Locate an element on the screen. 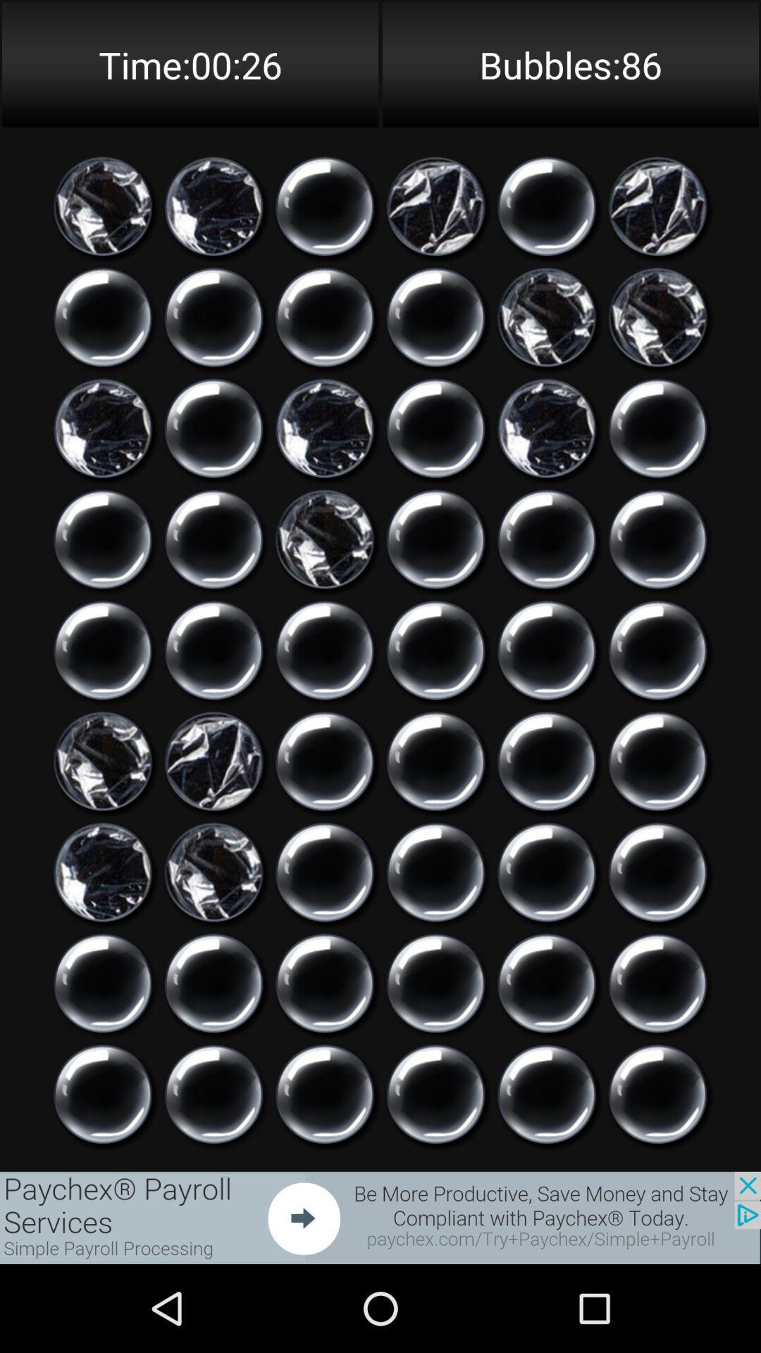  option is located at coordinates (102, 206).